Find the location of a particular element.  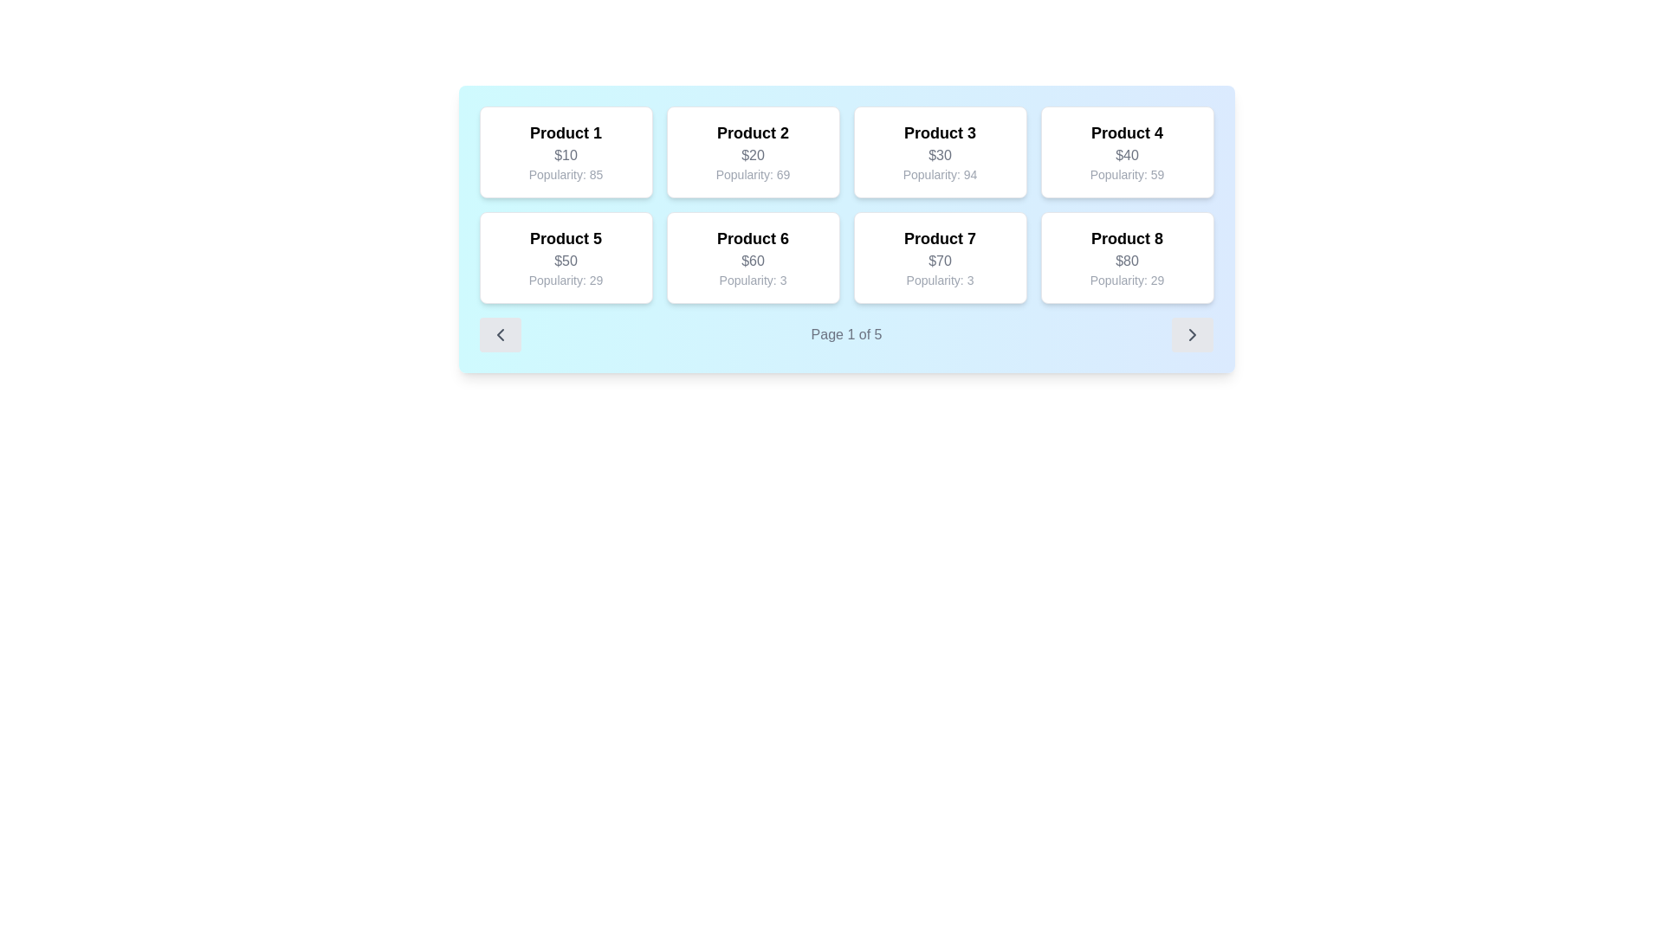

the text label displaying 'Popularity: 69' located below the price information of 'Product 2' is located at coordinates (753, 174).